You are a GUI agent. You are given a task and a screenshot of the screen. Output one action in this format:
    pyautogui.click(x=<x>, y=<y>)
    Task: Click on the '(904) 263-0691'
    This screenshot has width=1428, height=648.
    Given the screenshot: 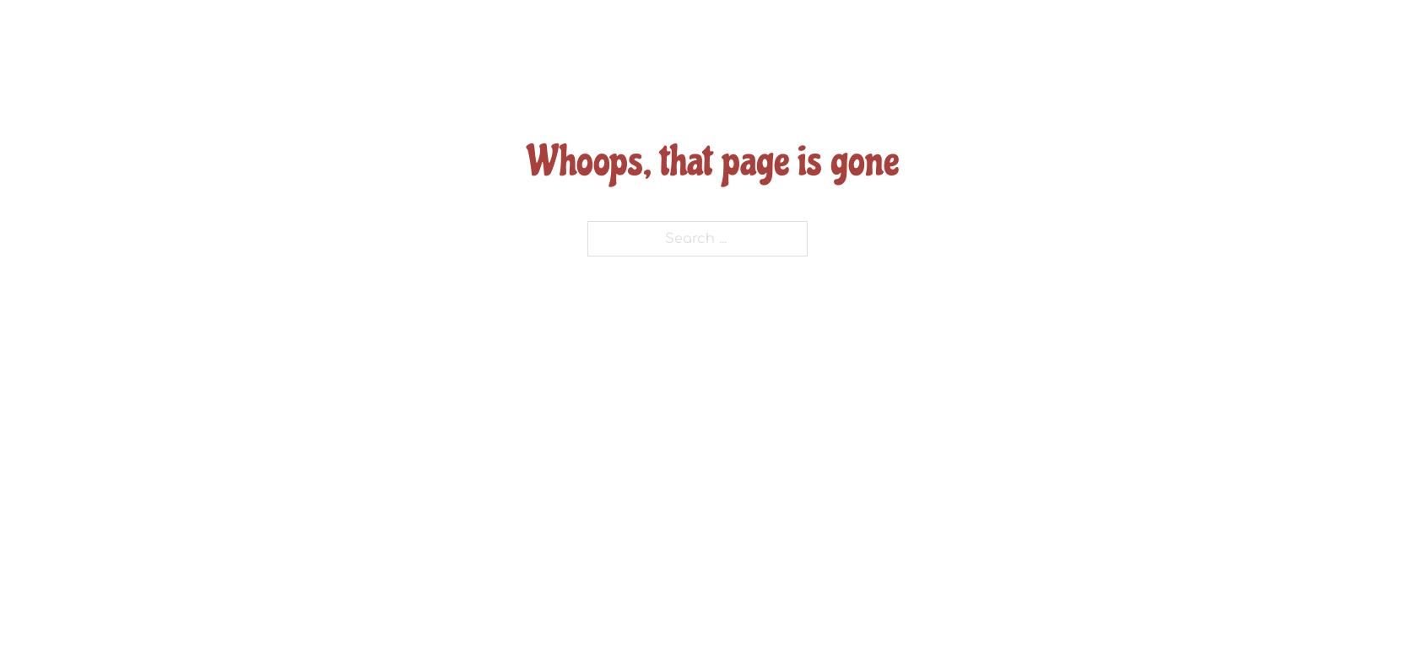 What is the action you would take?
    pyautogui.click(x=810, y=355)
    